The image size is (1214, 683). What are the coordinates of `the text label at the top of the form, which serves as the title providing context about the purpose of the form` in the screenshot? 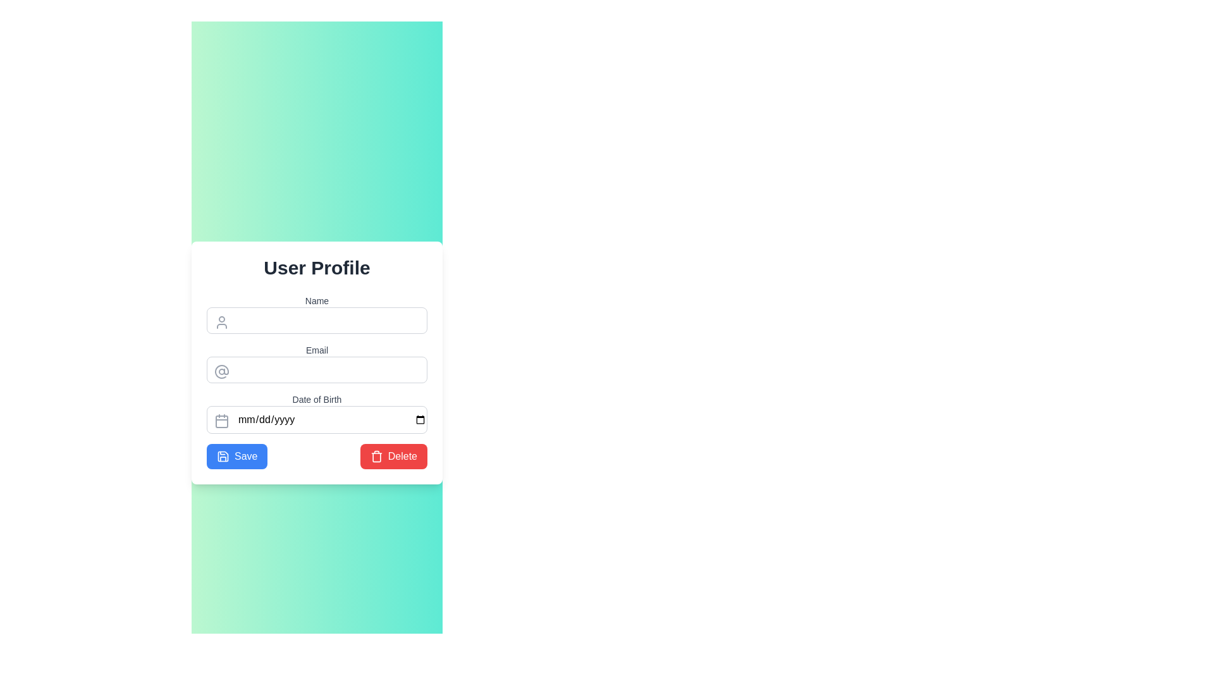 It's located at (317, 268).